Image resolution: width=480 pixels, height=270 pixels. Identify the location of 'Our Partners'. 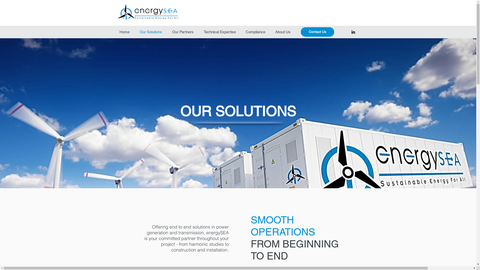
(168, 32).